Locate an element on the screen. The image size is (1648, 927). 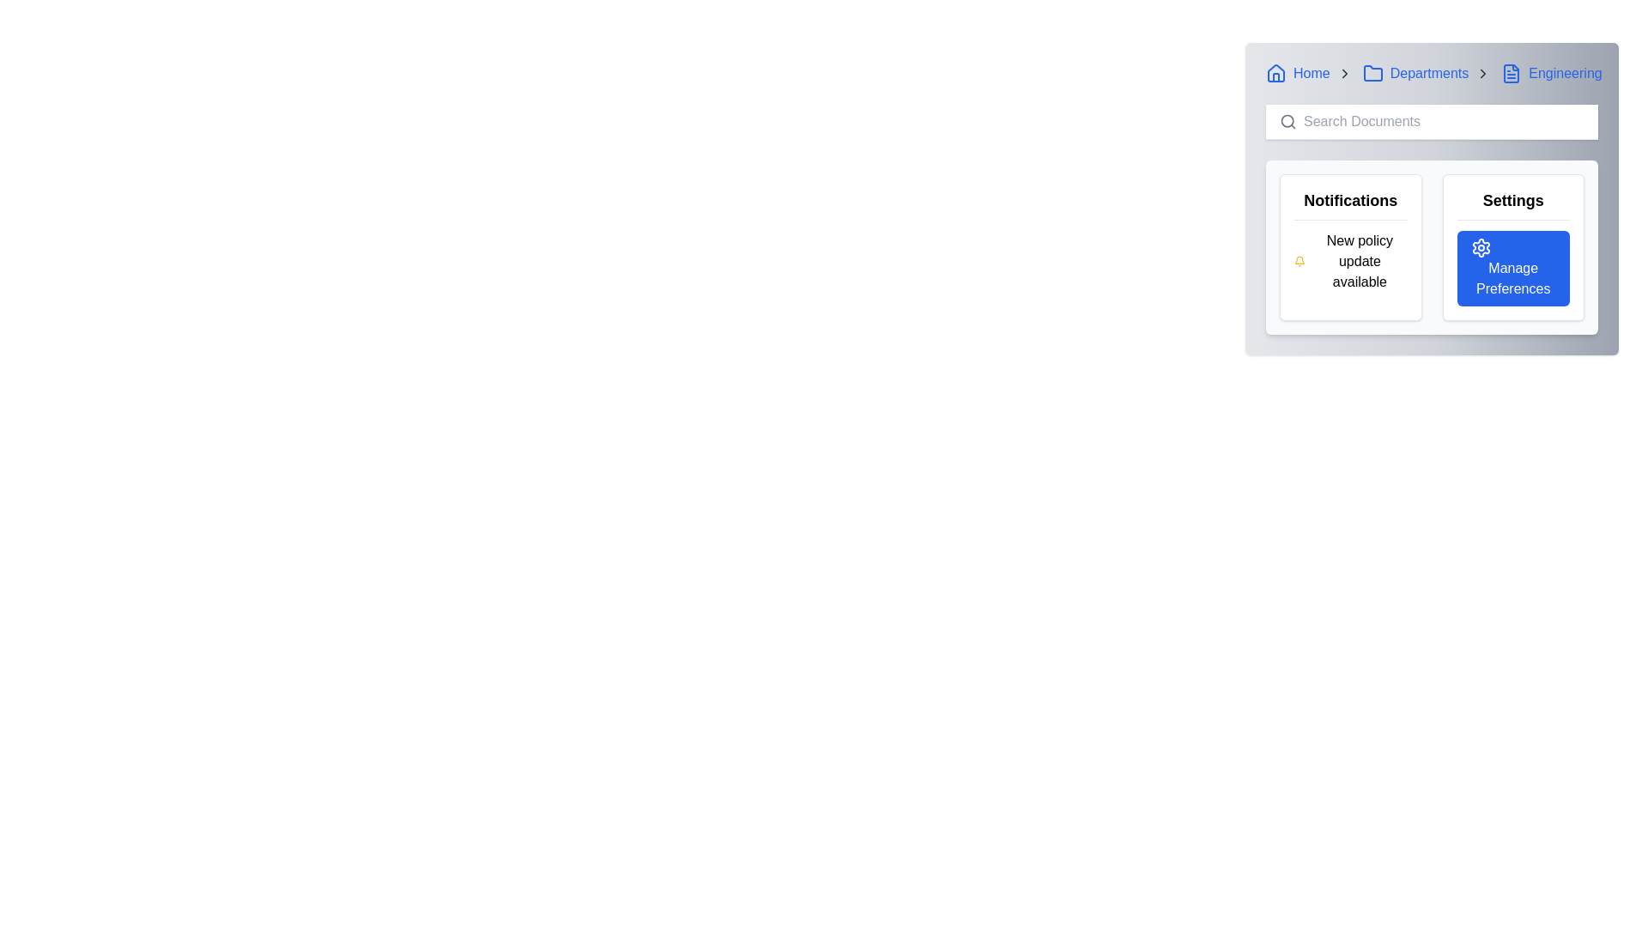
the smaller circular section of the magnifying glass icon, which represents the search functionality, located at the top left corner of the search bar is located at coordinates (1287, 120).